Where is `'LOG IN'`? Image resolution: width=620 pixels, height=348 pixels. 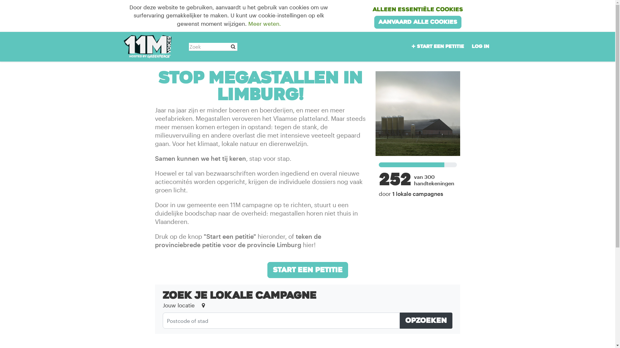
'LOG IN' is located at coordinates (480, 46).